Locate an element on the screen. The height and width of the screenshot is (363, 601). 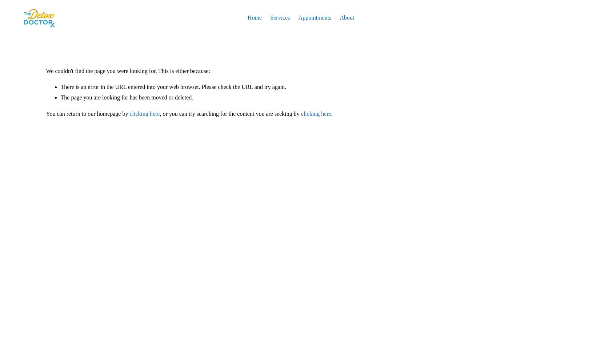
'Softwave Therapy' is located at coordinates (291, 30).